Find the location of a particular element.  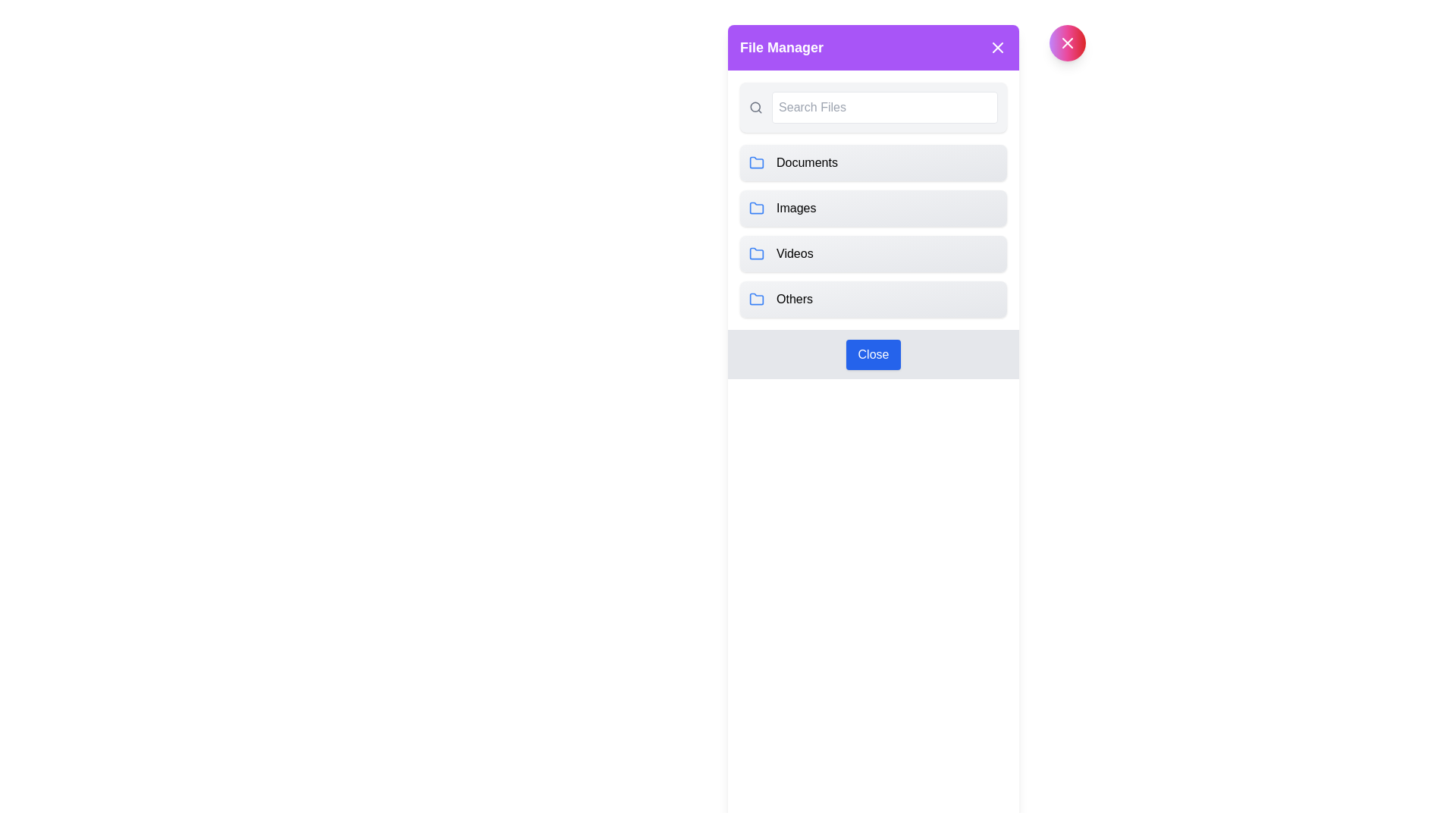

the small 'X' icon button located in the top-right corner of the purple header bar is located at coordinates (1066, 42).